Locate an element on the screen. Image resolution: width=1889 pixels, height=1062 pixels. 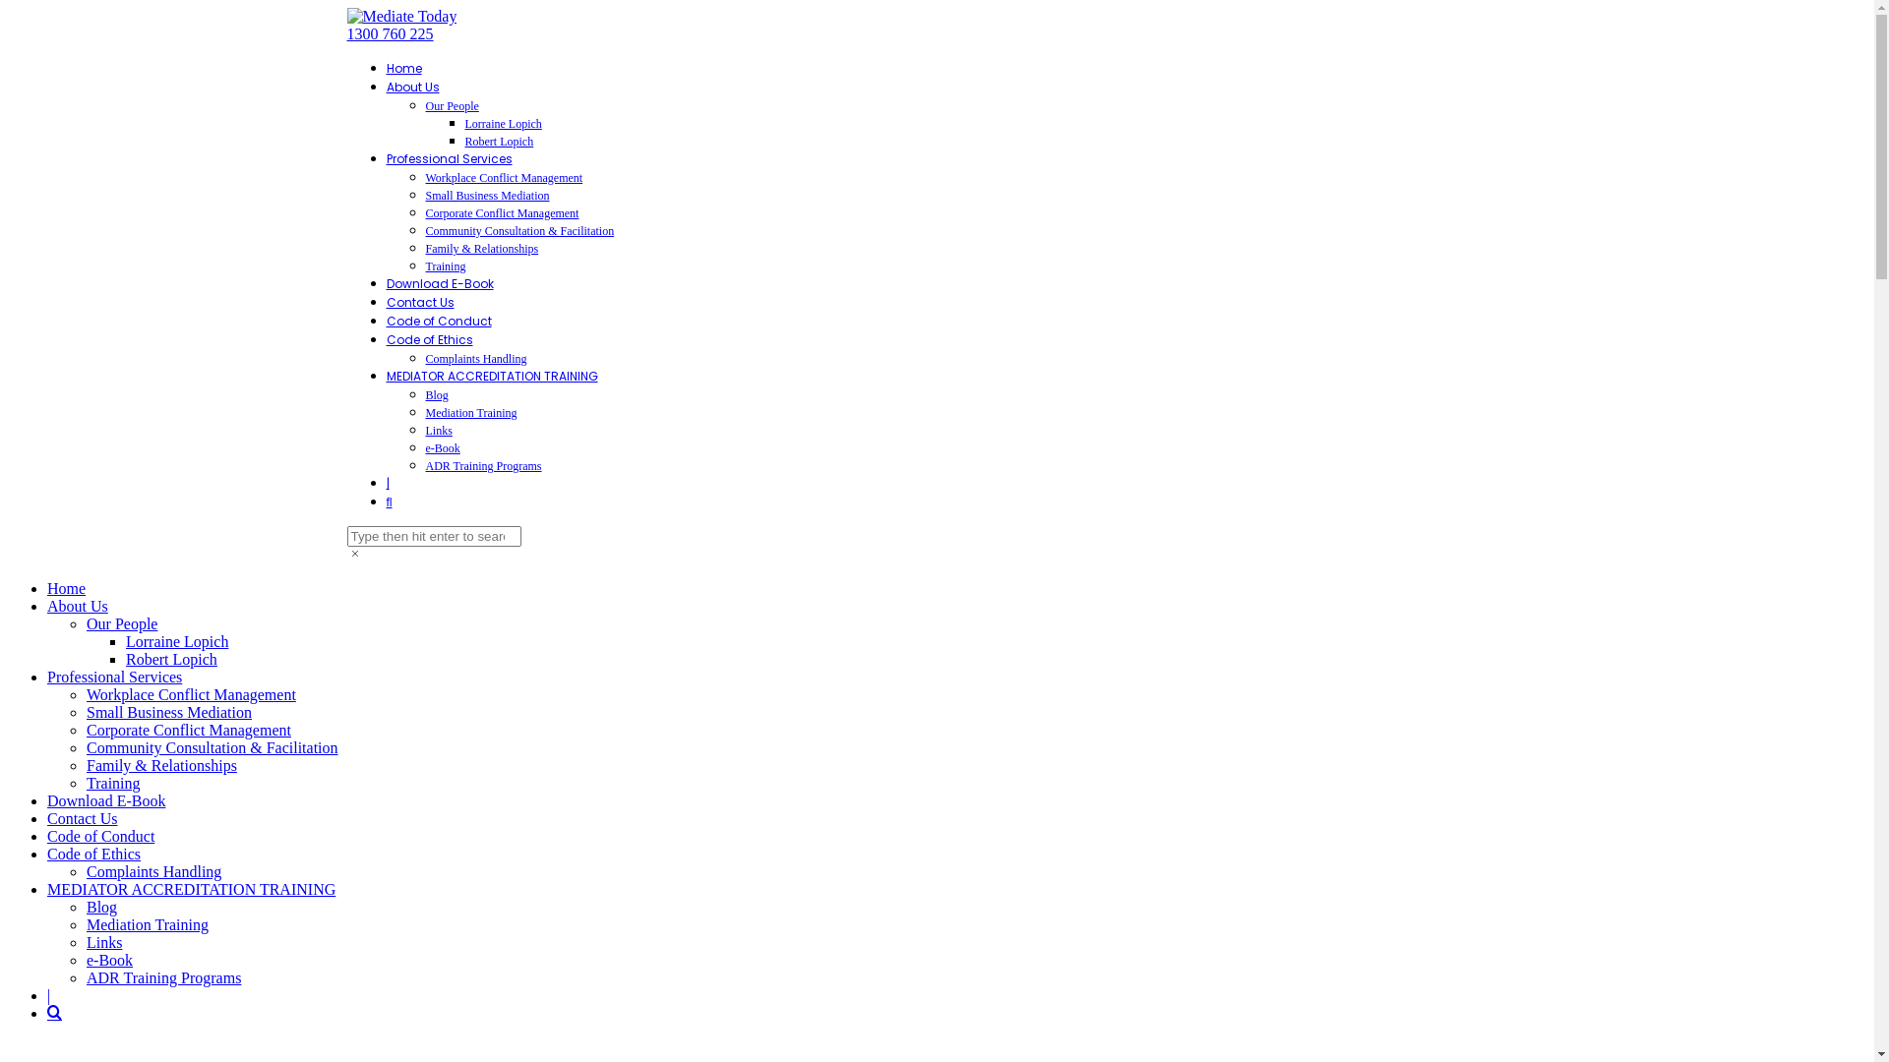
'e-Book' is located at coordinates (108, 959).